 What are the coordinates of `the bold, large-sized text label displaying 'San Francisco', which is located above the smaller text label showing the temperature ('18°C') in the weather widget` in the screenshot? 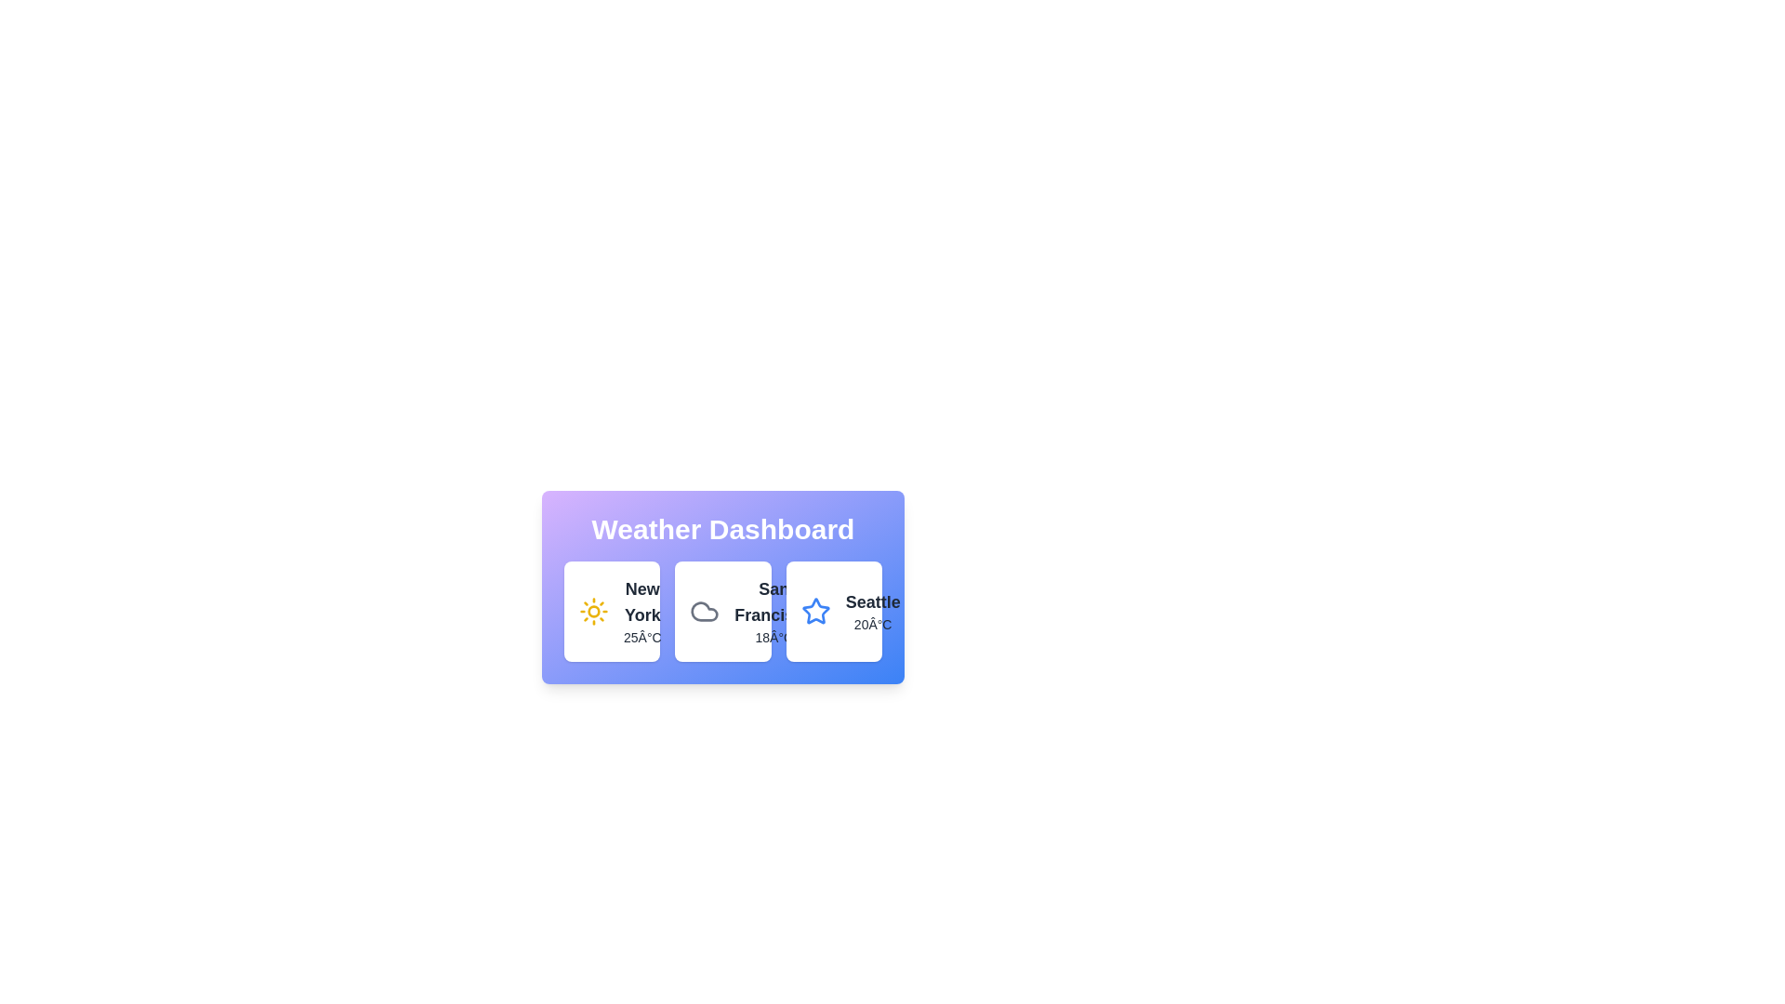 It's located at (773, 602).